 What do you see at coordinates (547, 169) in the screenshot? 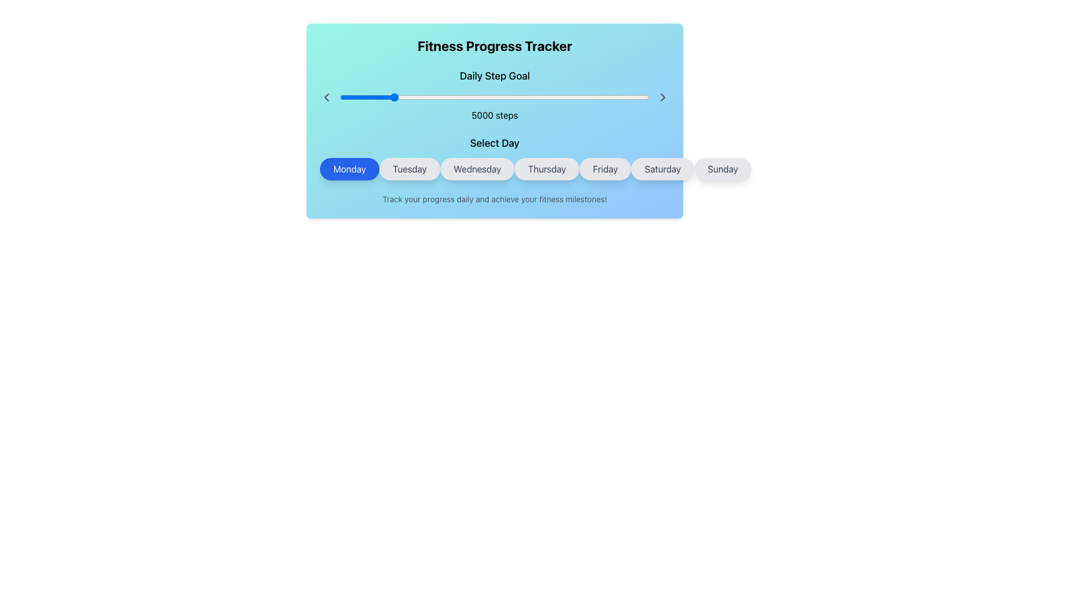
I see `the 'Thursday' button` at bounding box center [547, 169].